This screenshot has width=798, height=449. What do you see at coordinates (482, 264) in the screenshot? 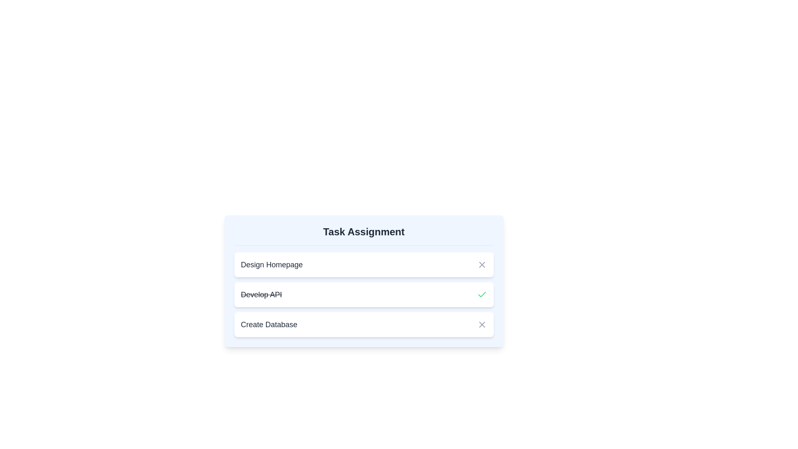
I see `the round-edged, cross-shaped gray icon next to the 'Design Homepage' task` at bounding box center [482, 264].